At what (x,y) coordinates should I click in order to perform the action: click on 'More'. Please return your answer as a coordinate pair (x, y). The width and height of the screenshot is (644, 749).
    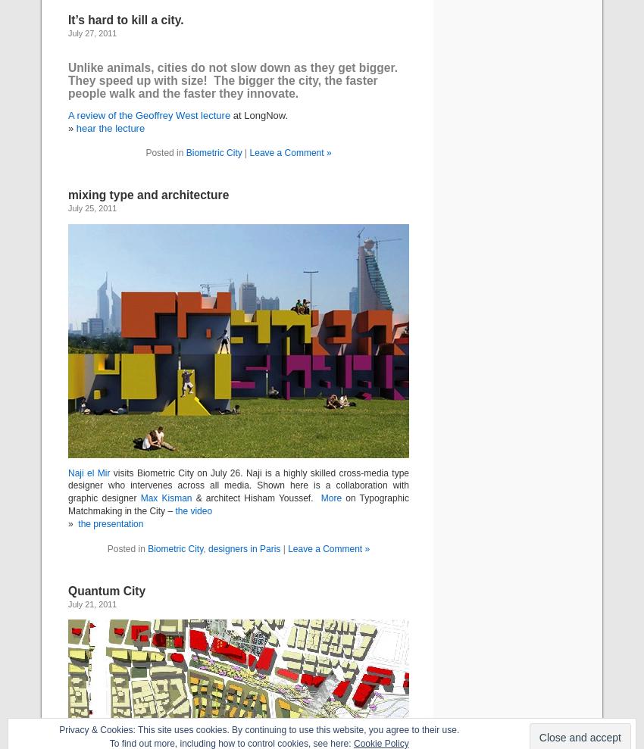
    Looking at the image, I should click on (330, 498).